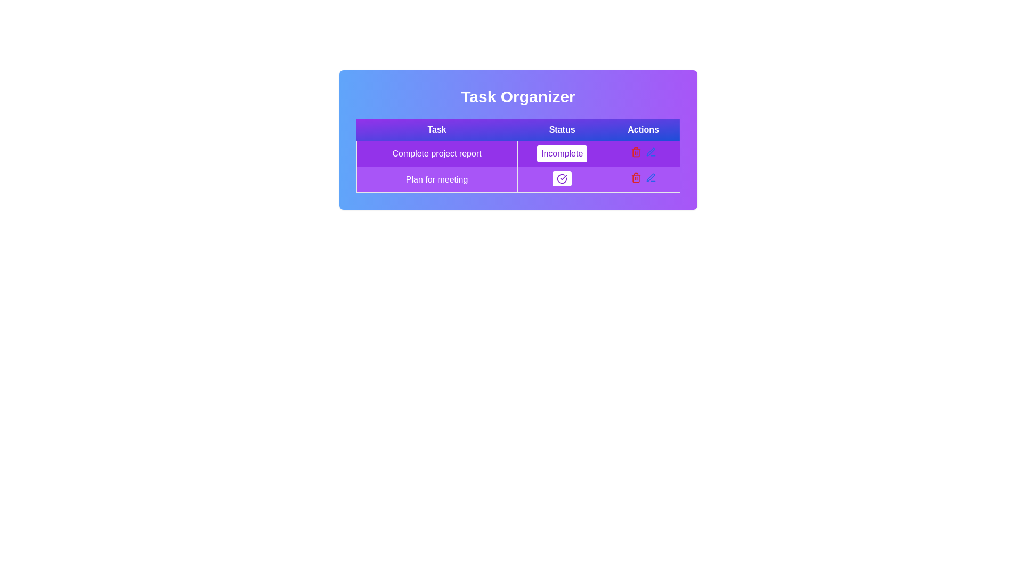  What do you see at coordinates (636, 152) in the screenshot?
I see `the delete icon button in the 'Actions' column corresponding to the task 'Complete project report'` at bounding box center [636, 152].